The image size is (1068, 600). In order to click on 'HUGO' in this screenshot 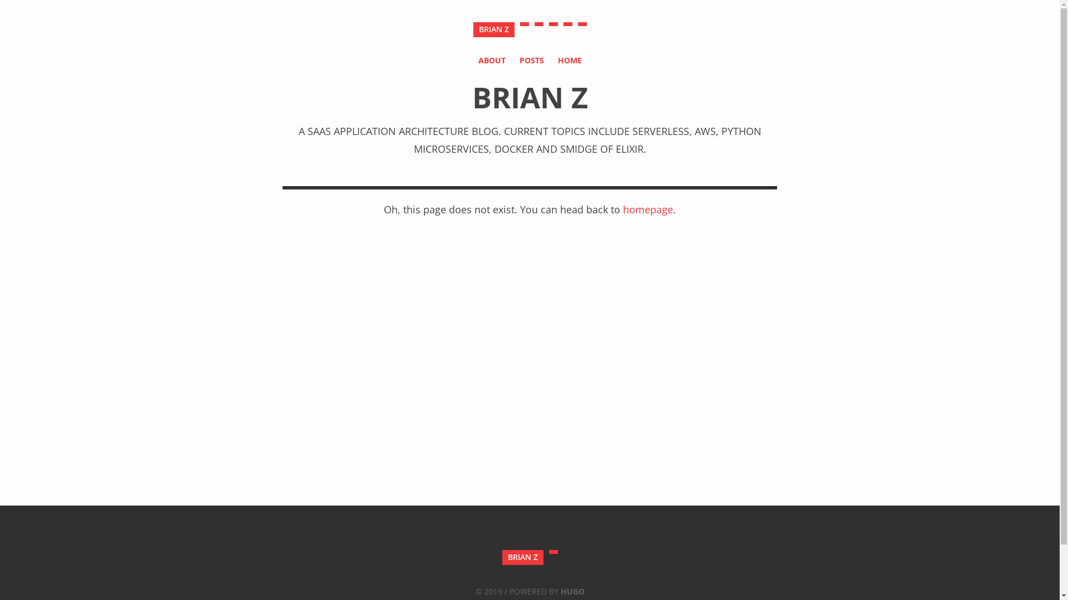, I will do `click(572, 591)`.